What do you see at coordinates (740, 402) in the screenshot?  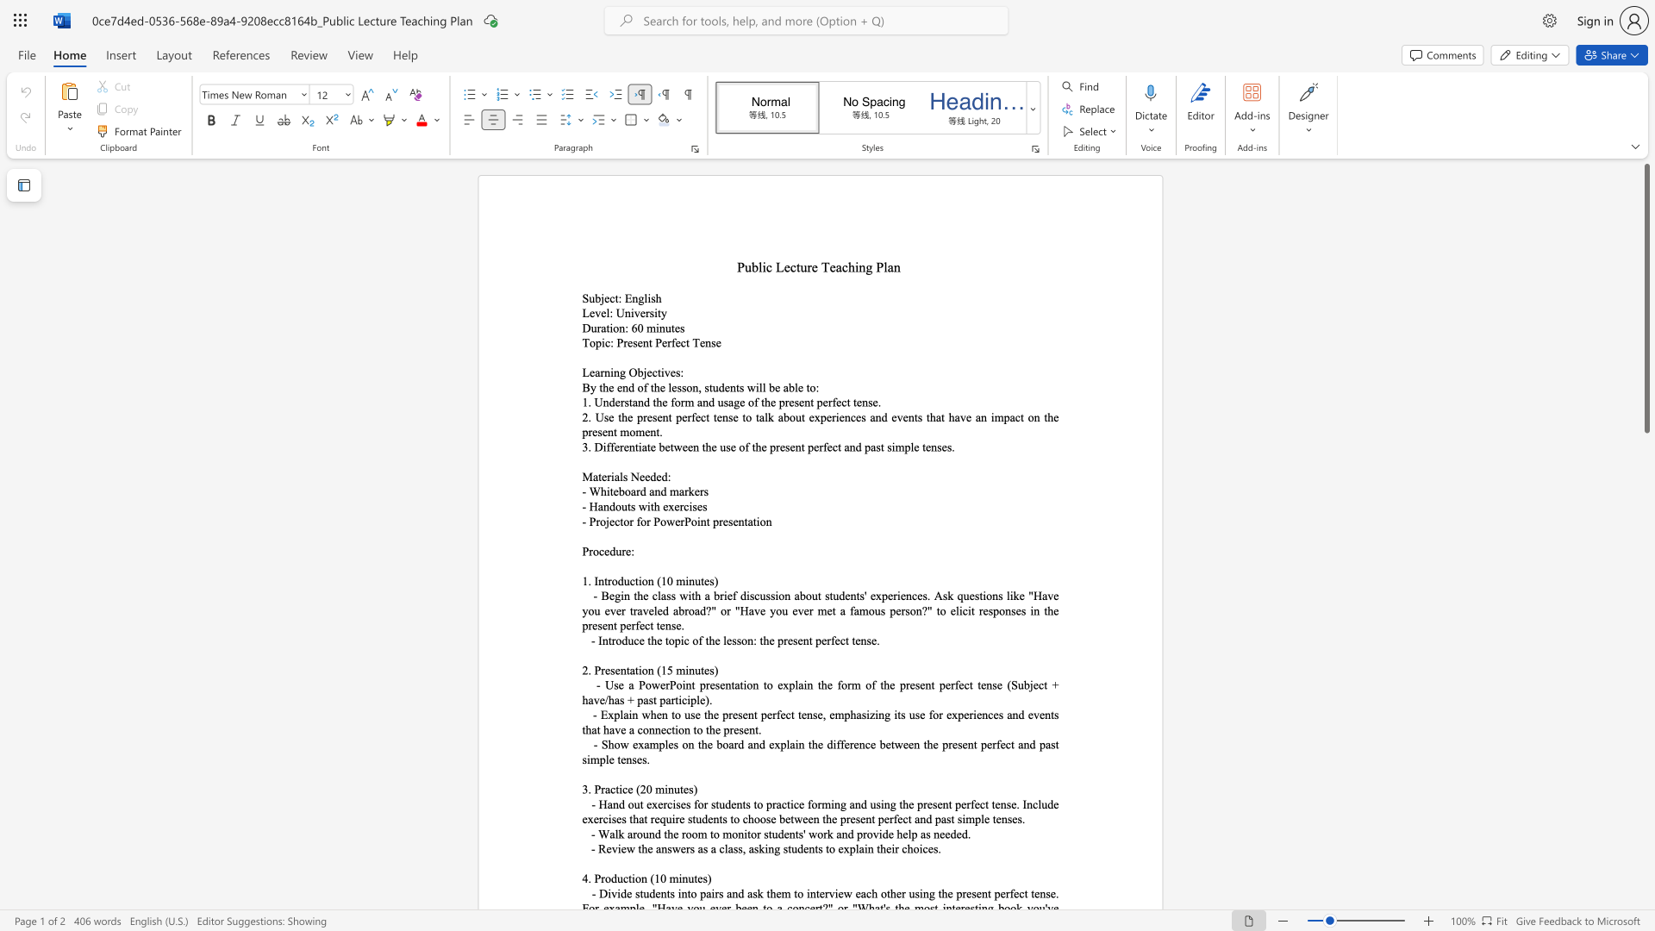 I see `the subset text "e of the present p" within the text "1. Understand the form and usage of the present perfect tense."` at bounding box center [740, 402].